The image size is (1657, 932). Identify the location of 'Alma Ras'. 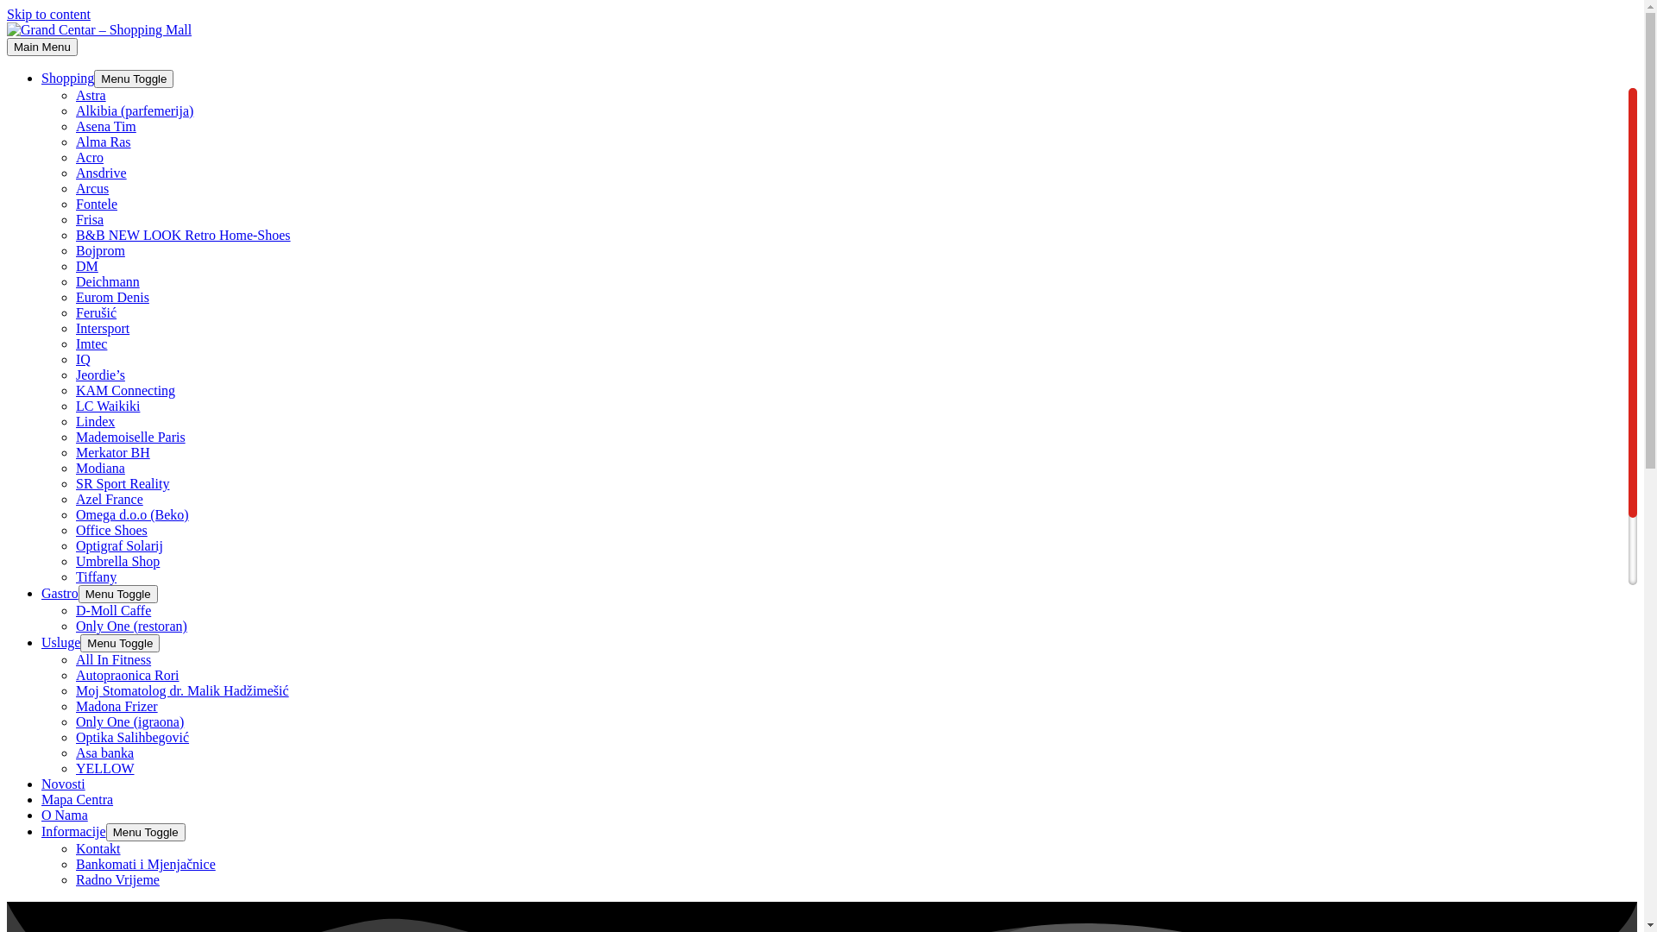
(103, 141).